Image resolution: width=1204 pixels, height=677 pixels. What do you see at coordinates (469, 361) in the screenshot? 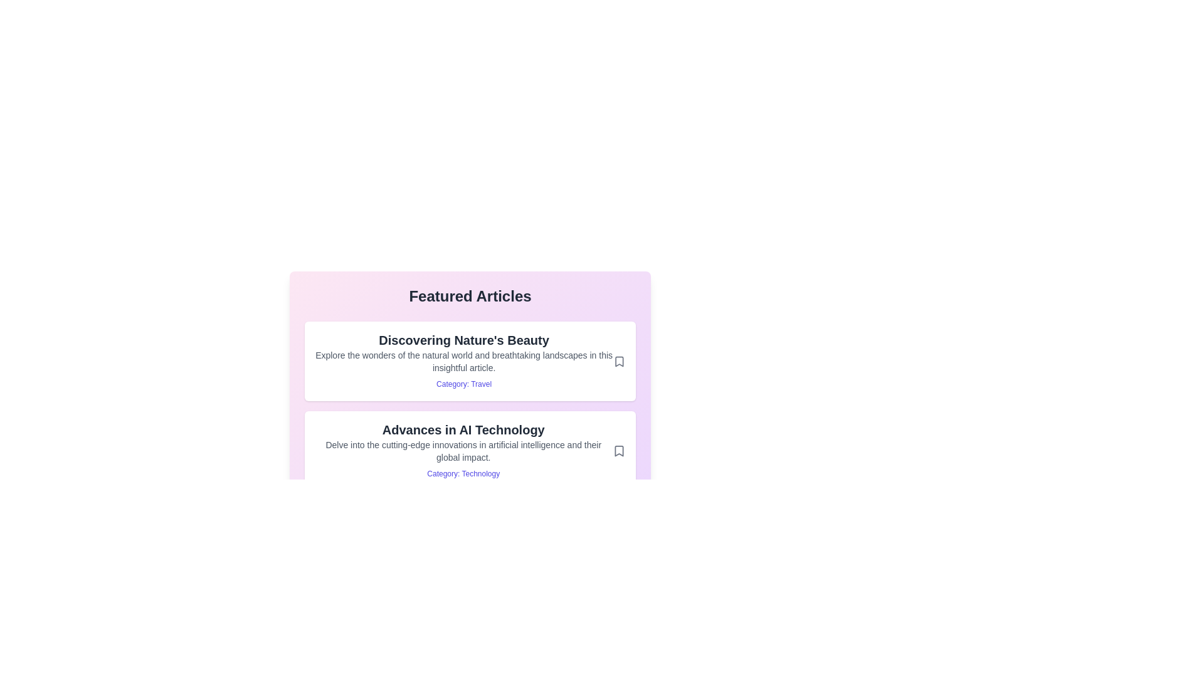
I see `the article titled 'Discovering Nature's Beauty'` at bounding box center [469, 361].